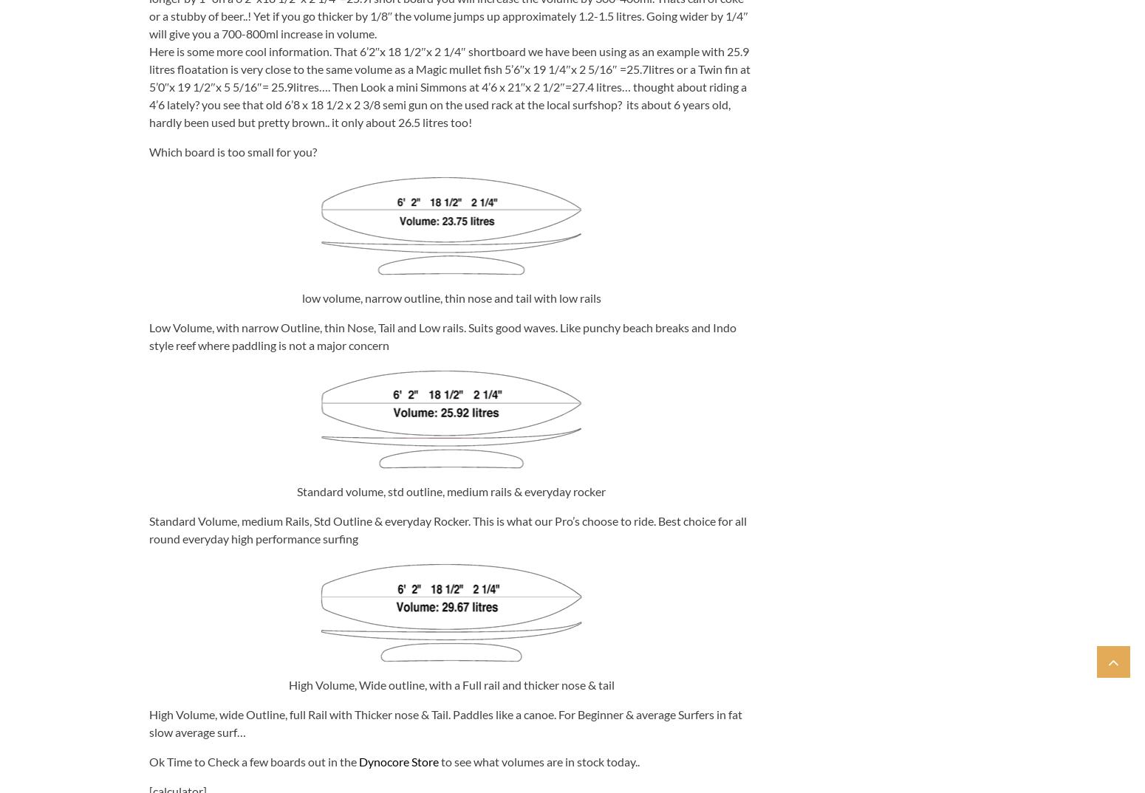 The image size is (1145, 793). Describe the element at coordinates (297, 490) in the screenshot. I see `'Standard volume, std outline, medium rails & everyday rocker'` at that location.